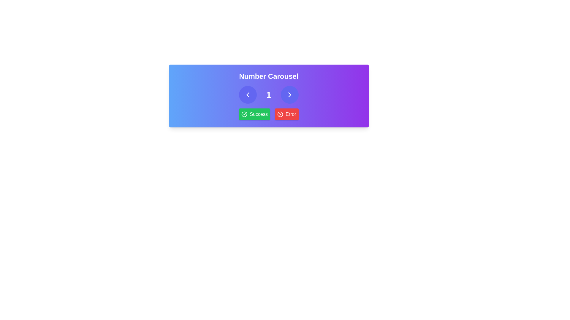  I want to click on the centered text label that reads 'Number Carousel' in large white bold font, which is positioned on a vibrant gradient background transitioning from blue to purple, so click(268, 76).